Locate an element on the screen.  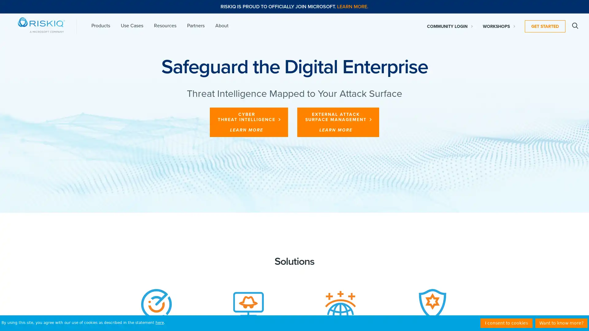
I consent to cookies is located at coordinates (506, 323).